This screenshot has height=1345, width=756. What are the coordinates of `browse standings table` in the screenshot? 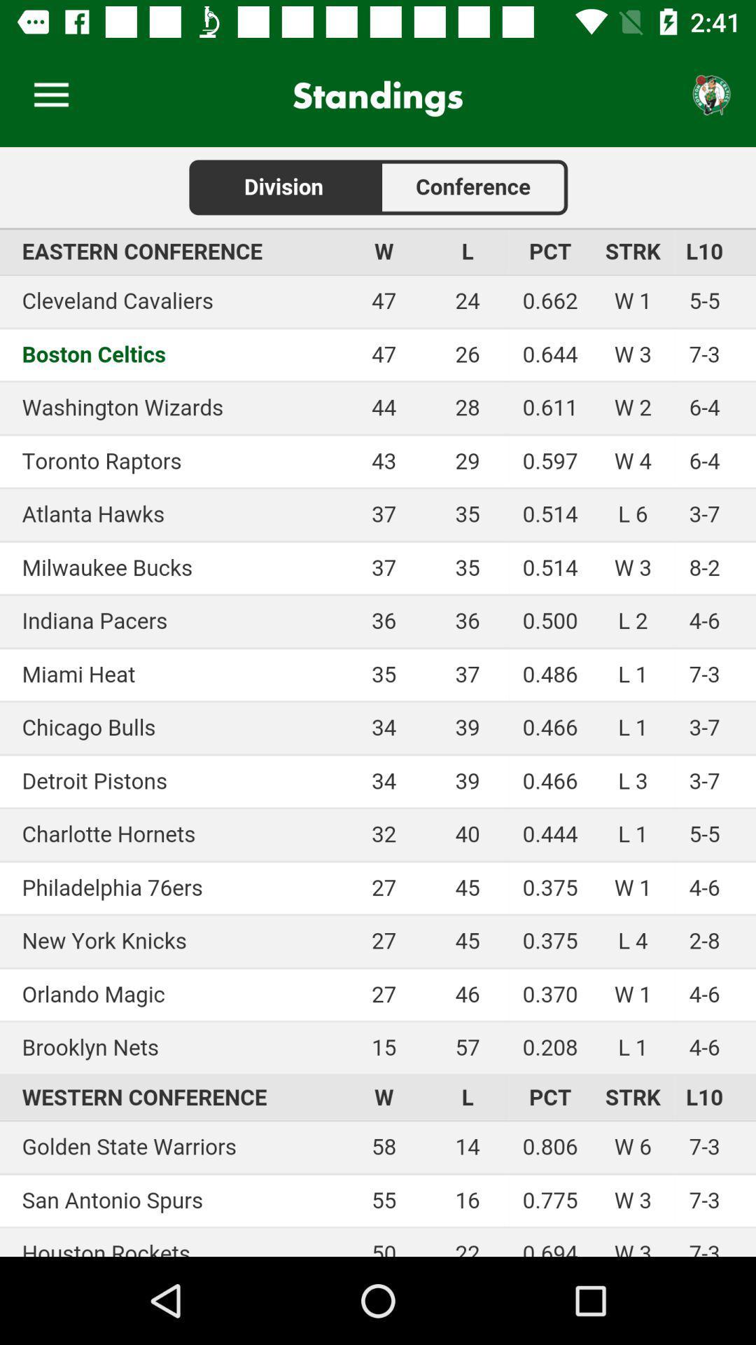 It's located at (378, 702).